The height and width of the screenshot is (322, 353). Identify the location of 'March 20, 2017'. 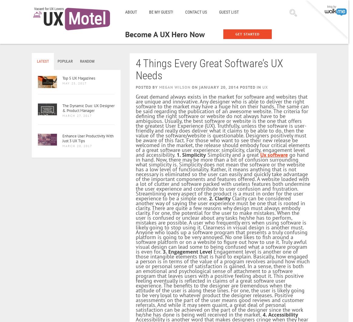
(77, 146).